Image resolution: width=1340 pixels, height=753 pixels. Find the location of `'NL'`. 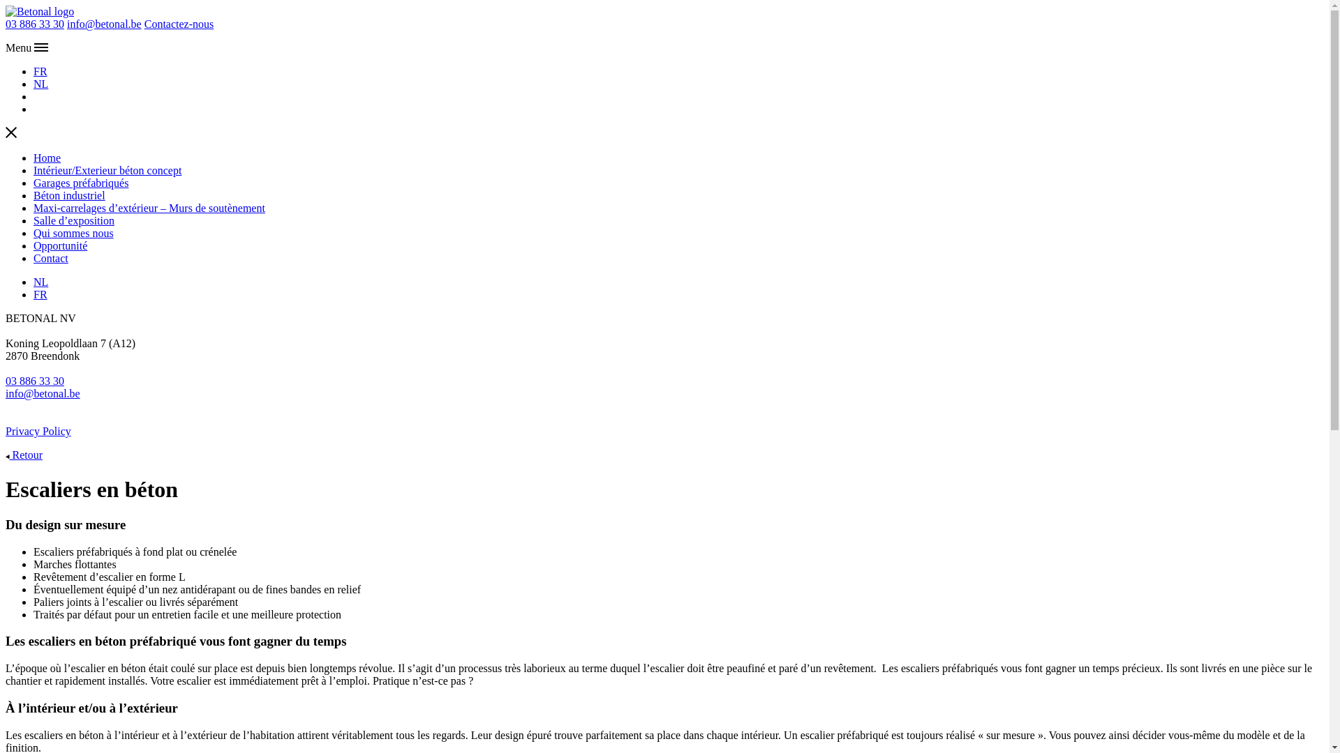

'NL' is located at coordinates (40, 84).